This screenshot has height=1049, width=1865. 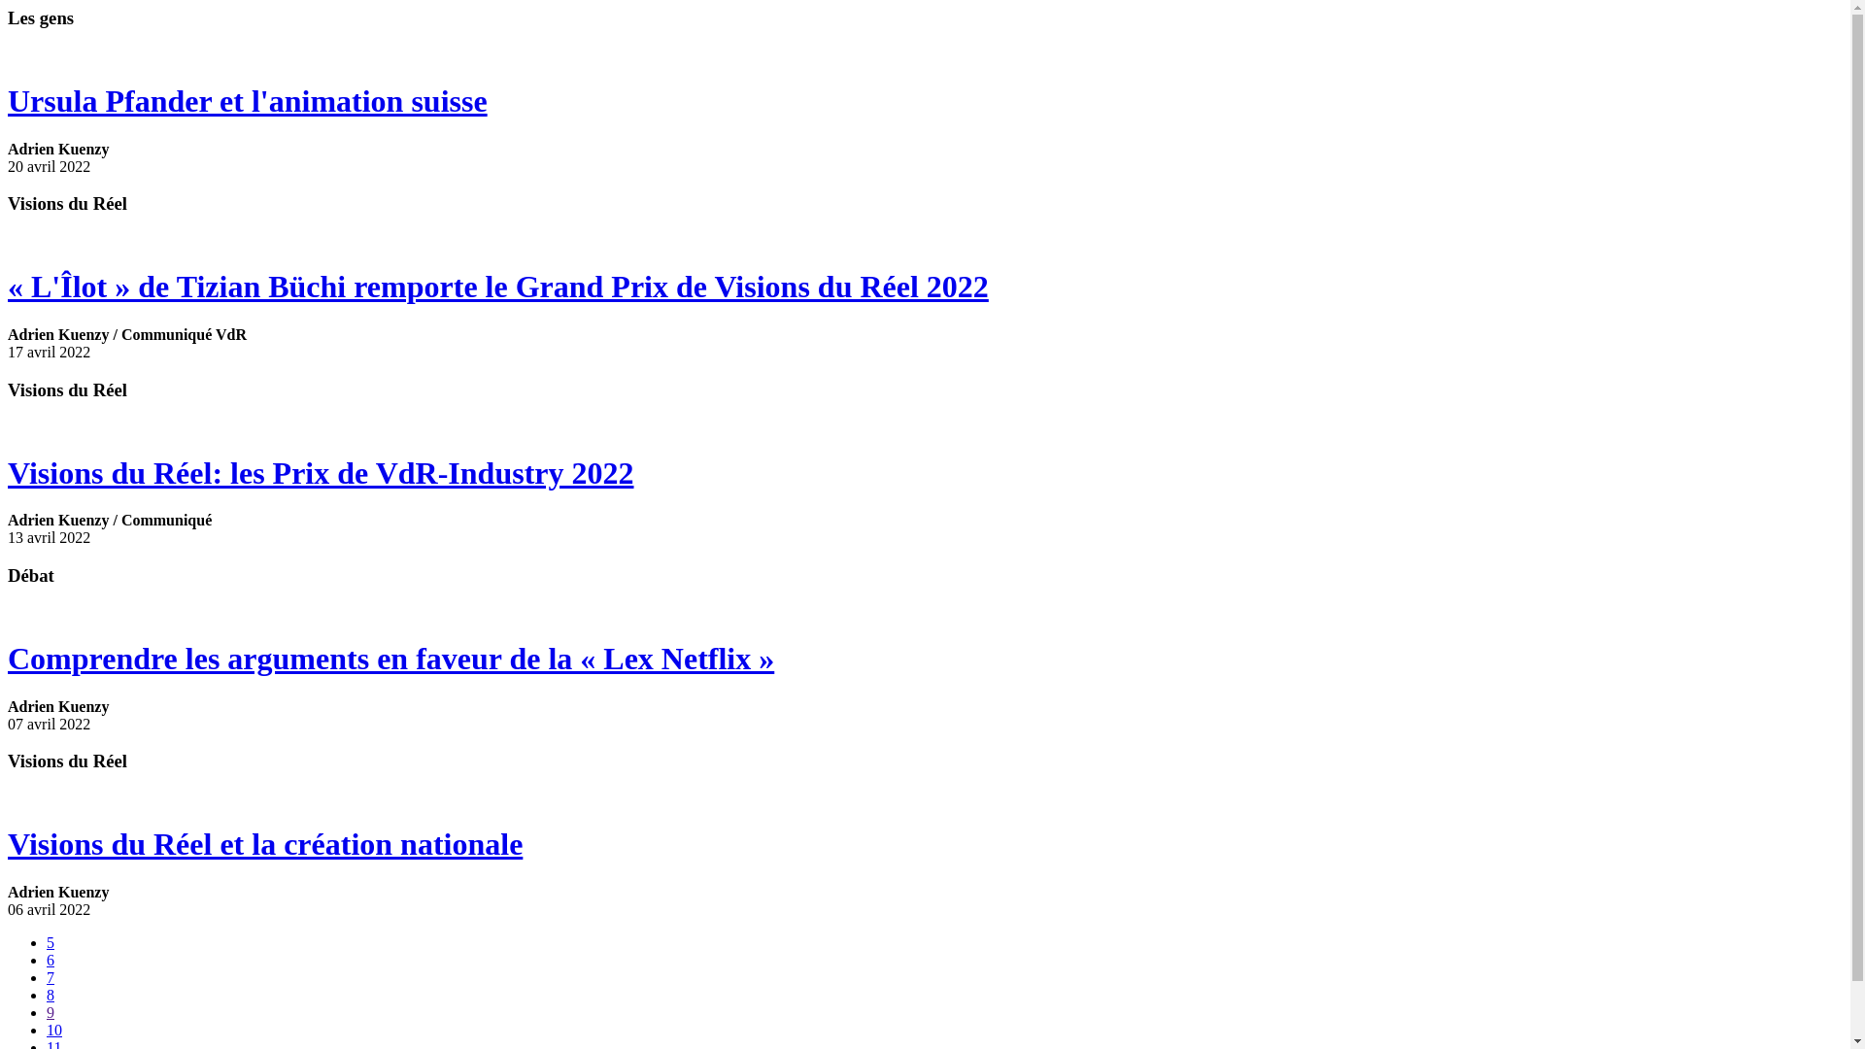 What do you see at coordinates (51, 995) in the screenshot?
I see `'8'` at bounding box center [51, 995].